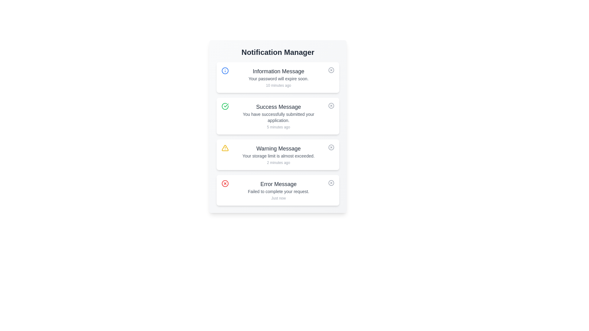 The image size is (589, 331). I want to click on the close button located at the top right corner of the first notification card to change its color to red, so click(331, 70).